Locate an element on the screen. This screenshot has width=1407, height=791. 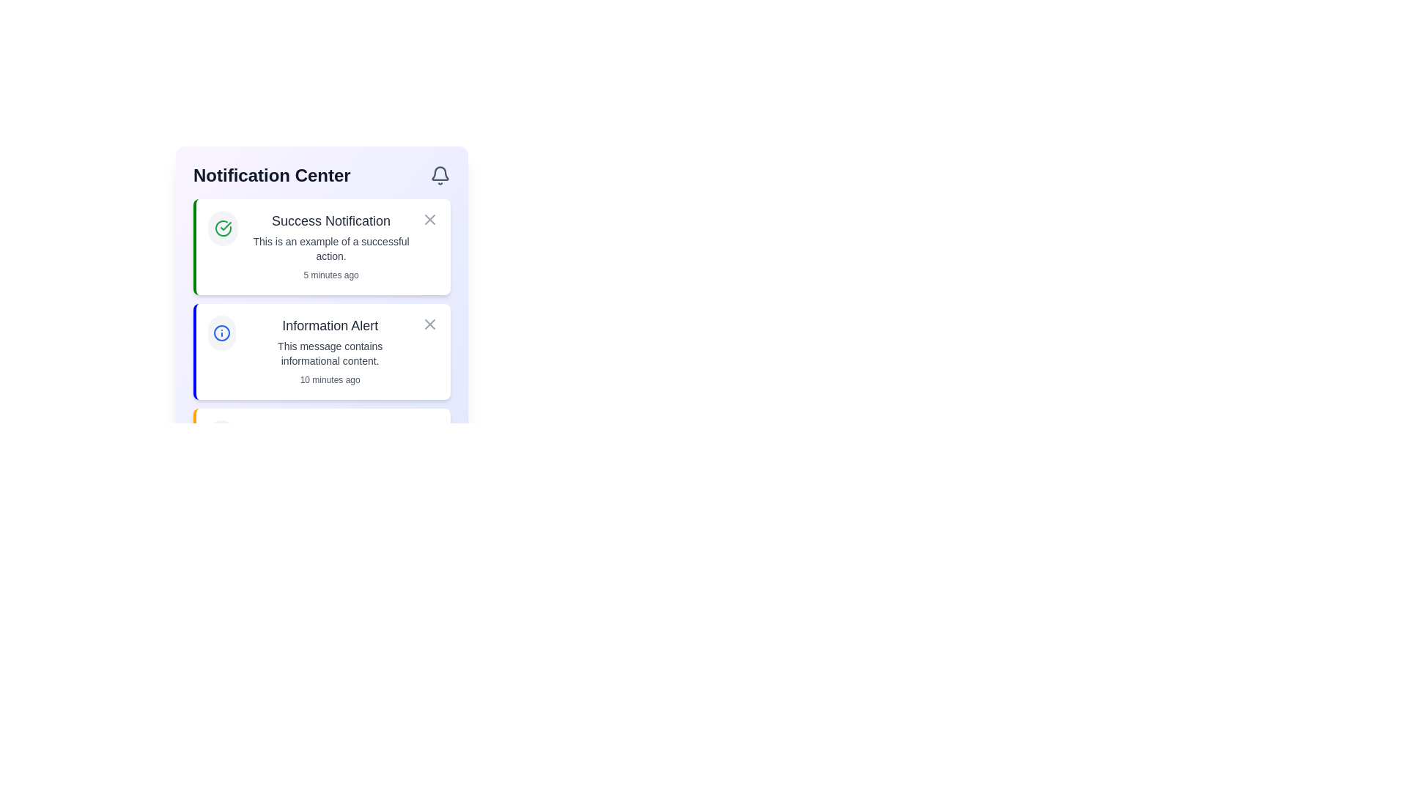
the text displayed in the notification panel titled 'Information Alert', which is located below the notification title and above the timestamp is located at coordinates (329, 353).